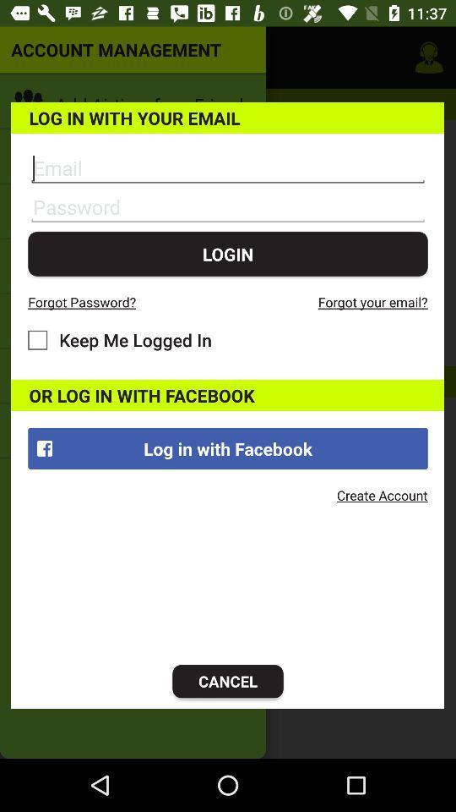 This screenshot has height=812, width=456. I want to click on the create account, so click(382, 495).